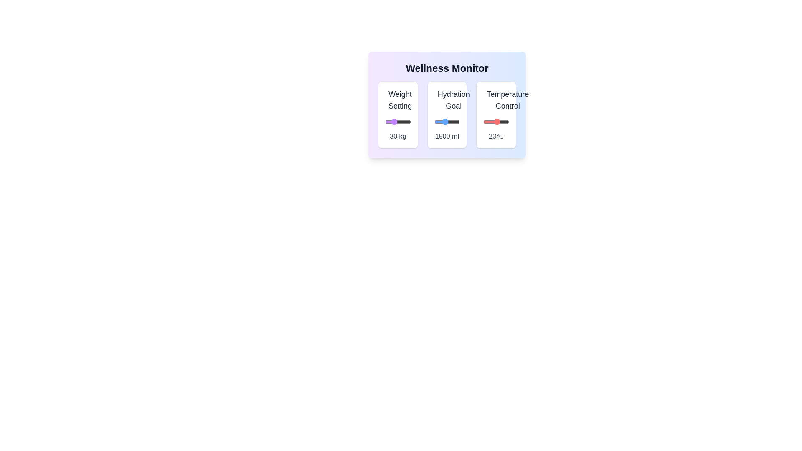 The width and height of the screenshot is (802, 451). I want to click on the temperature, so click(494, 122).